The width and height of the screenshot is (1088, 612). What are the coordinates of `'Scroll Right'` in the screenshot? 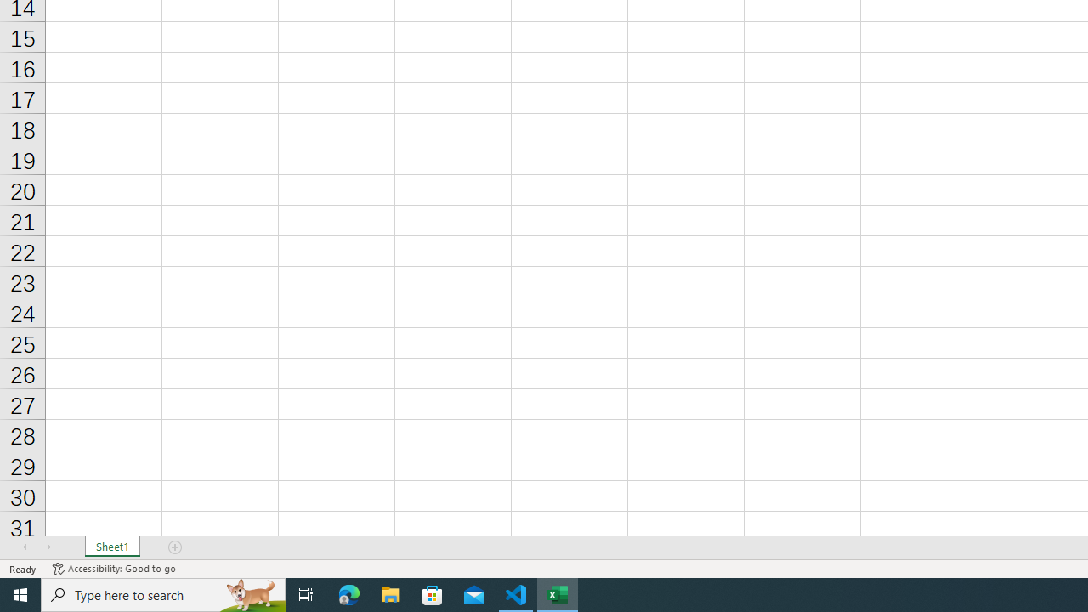 It's located at (48, 547).